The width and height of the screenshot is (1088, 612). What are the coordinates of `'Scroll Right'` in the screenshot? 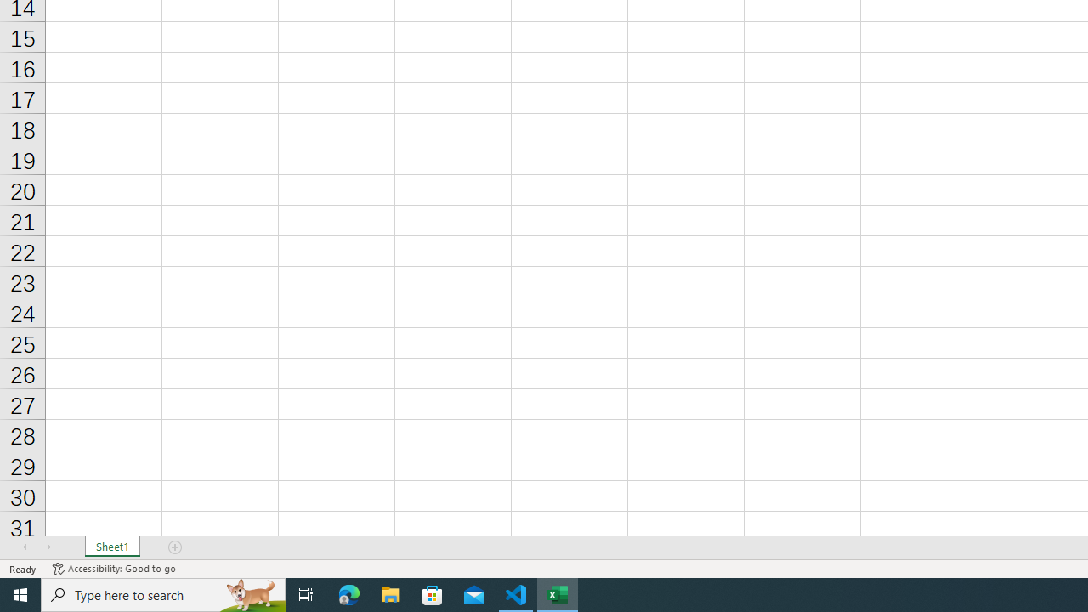 It's located at (48, 547).